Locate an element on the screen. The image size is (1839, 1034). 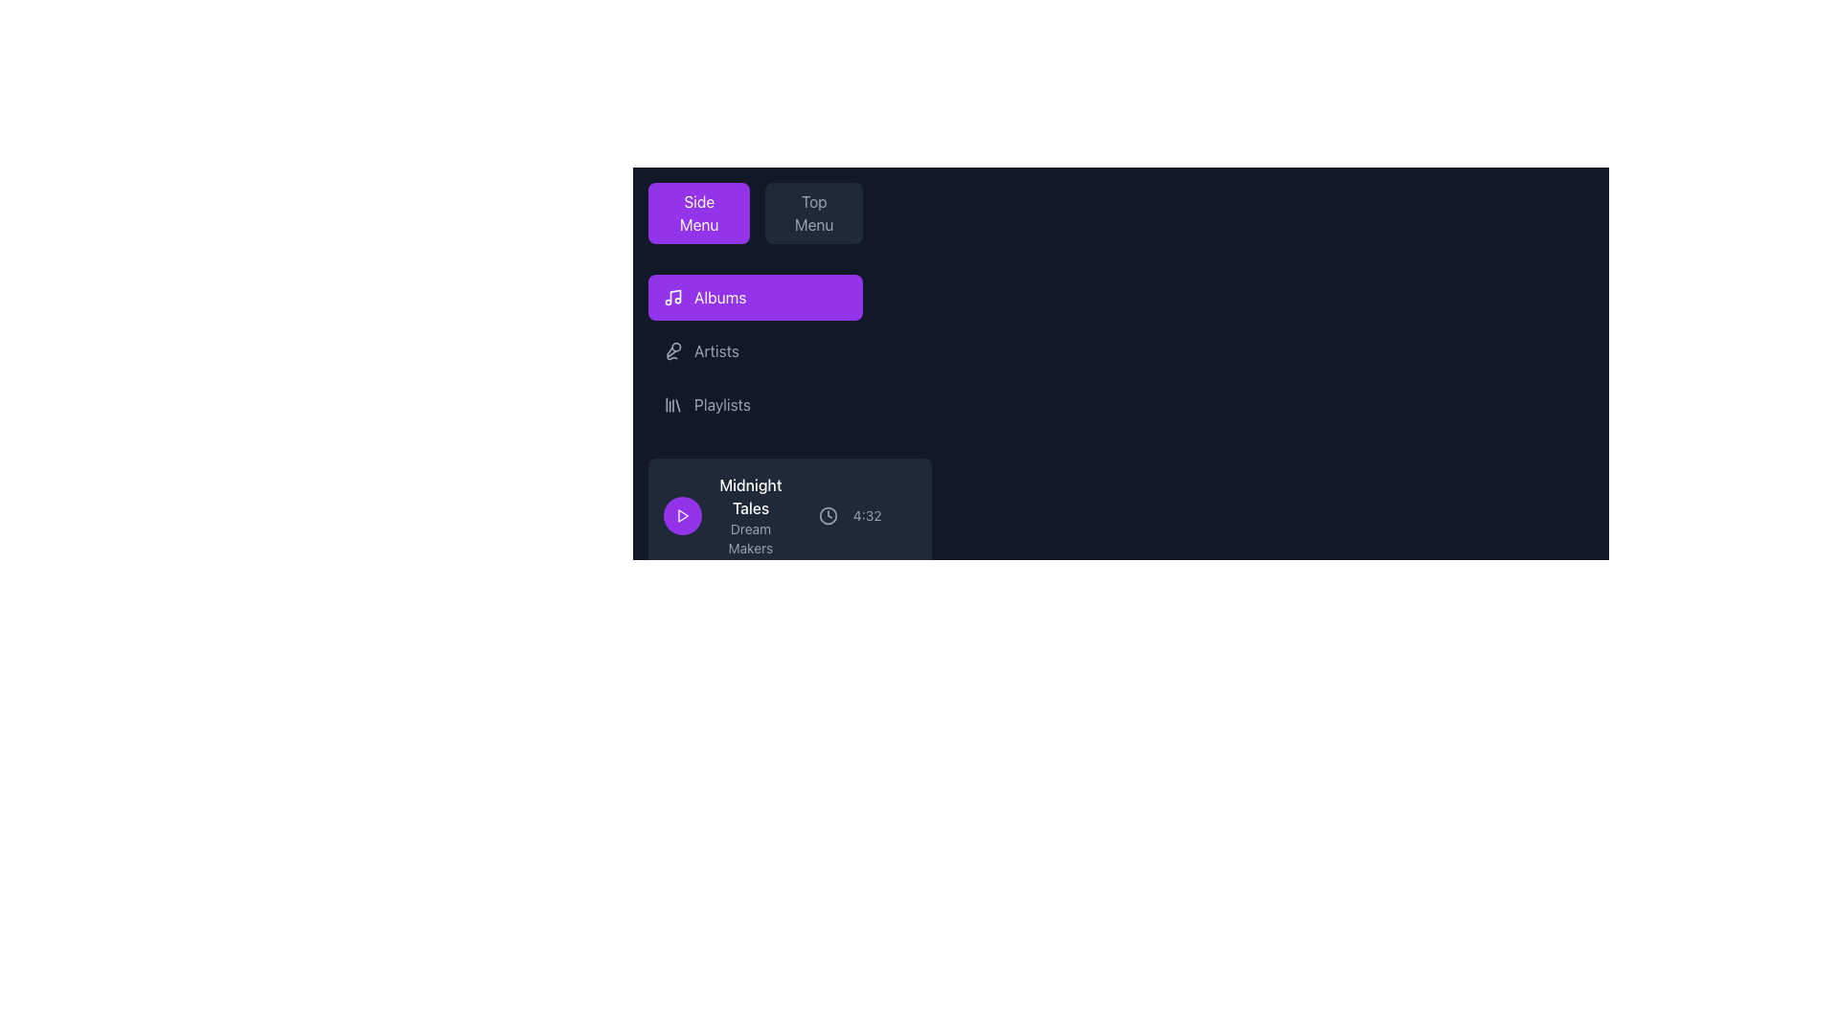
the text label in the purple rectangular menu component that navigates to the Albums section of the application is located at coordinates (719, 298).